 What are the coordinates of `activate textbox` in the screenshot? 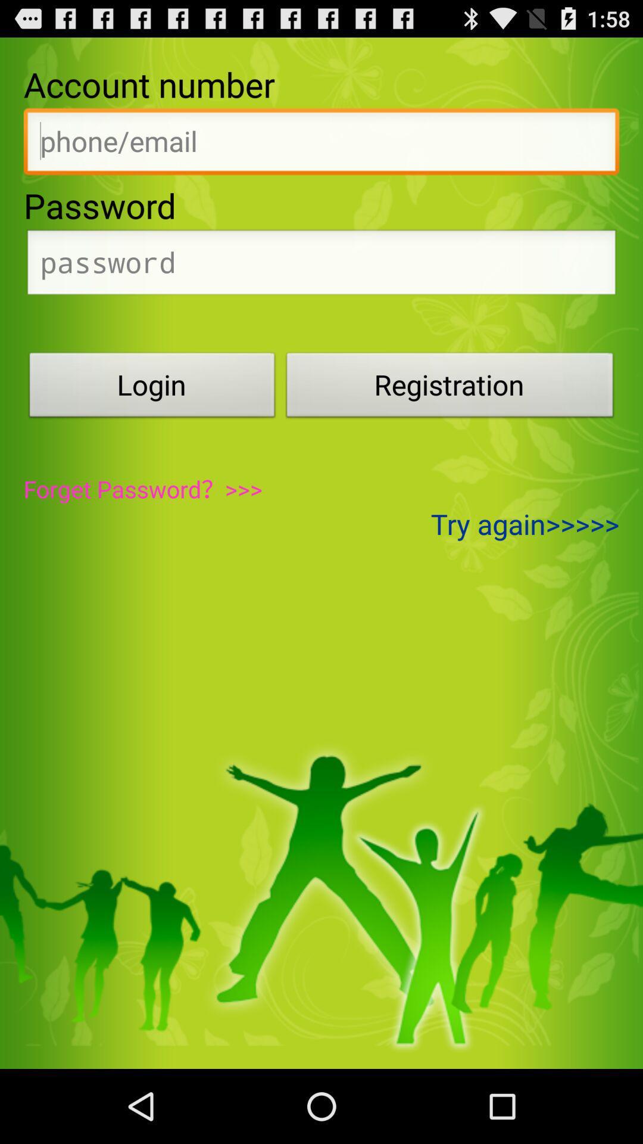 It's located at (321, 144).